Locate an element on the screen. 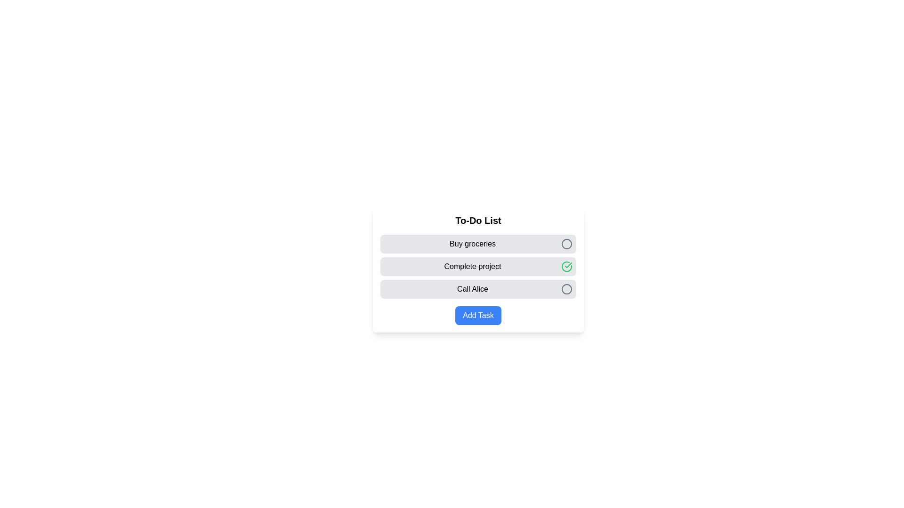 The height and width of the screenshot is (508, 904). the bold 'To-Do List' text label at the top of the interface, which serves as a header for the task list is located at coordinates (478, 221).